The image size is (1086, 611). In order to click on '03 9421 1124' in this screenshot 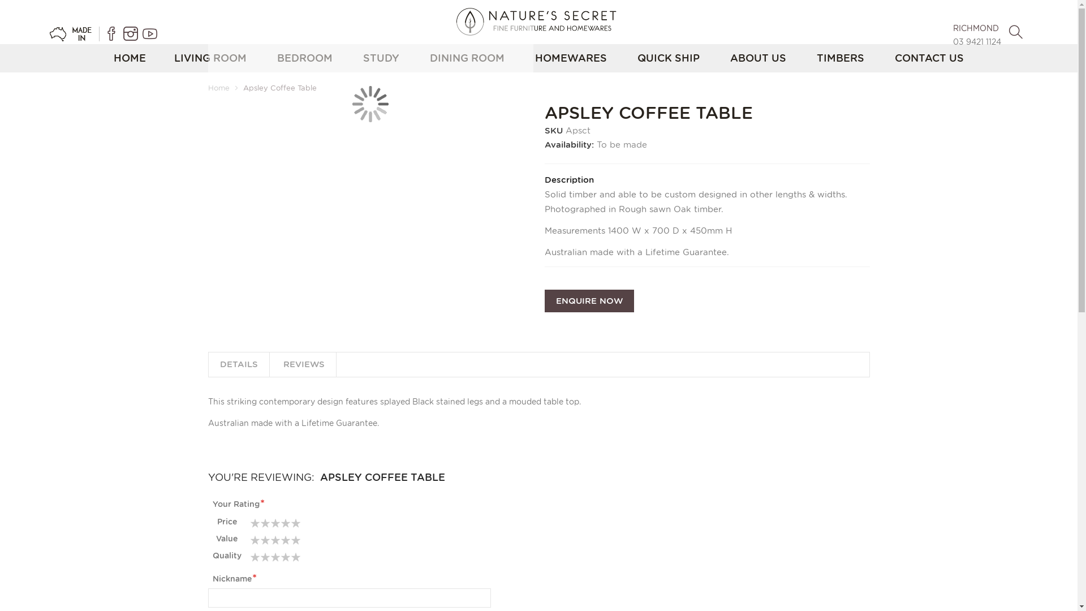, I will do `click(952, 41)`.